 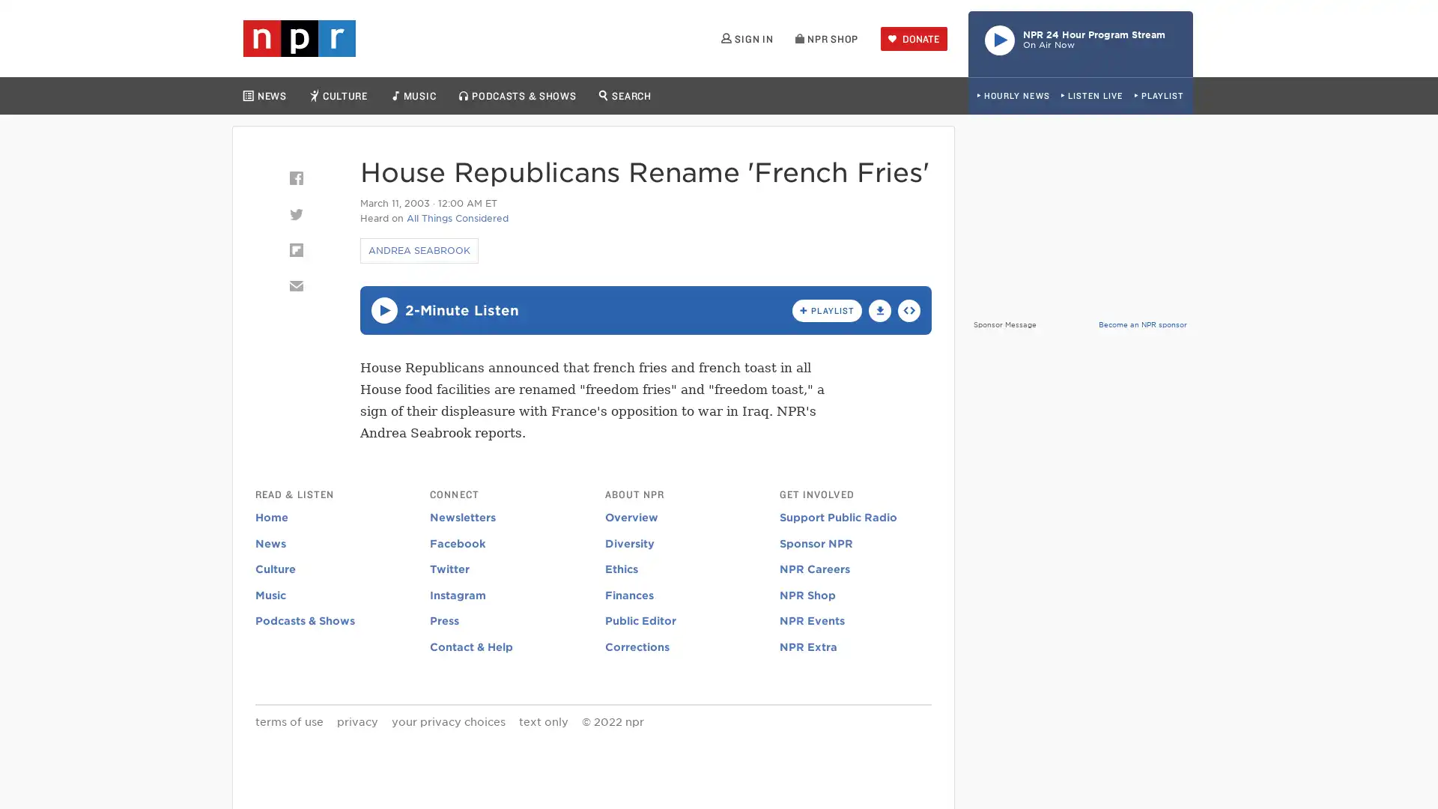 I want to click on PLAYLIST, so click(x=1158, y=96).